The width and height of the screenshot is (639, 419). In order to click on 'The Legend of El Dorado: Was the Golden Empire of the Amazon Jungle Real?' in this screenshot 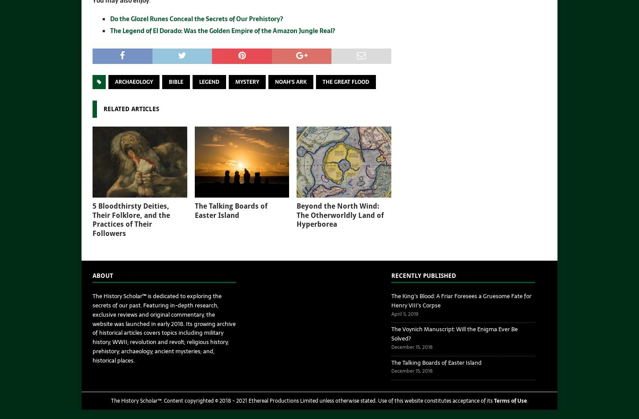, I will do `click(223, 31)`.